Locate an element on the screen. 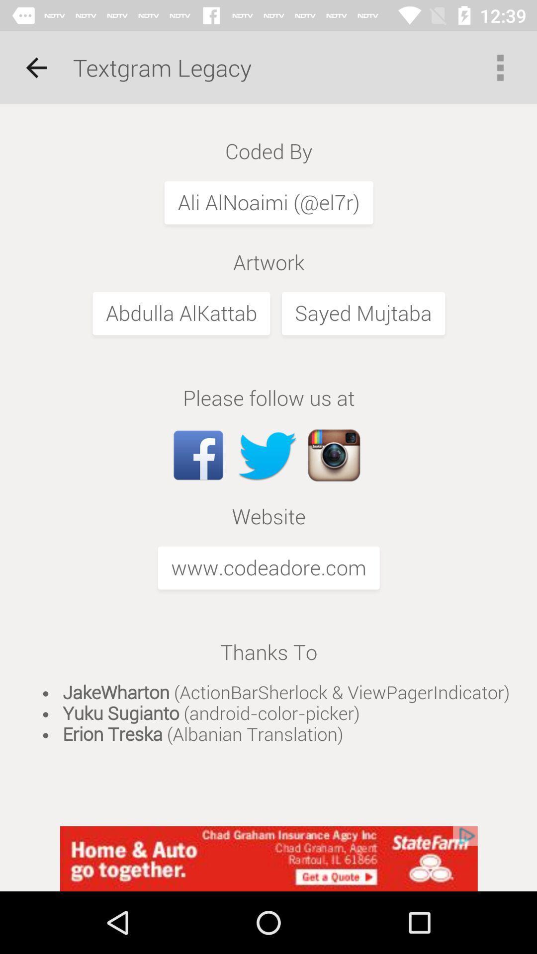 The width and height of the screenshot is (537, 954). the image is located at coordinates (268, 465).